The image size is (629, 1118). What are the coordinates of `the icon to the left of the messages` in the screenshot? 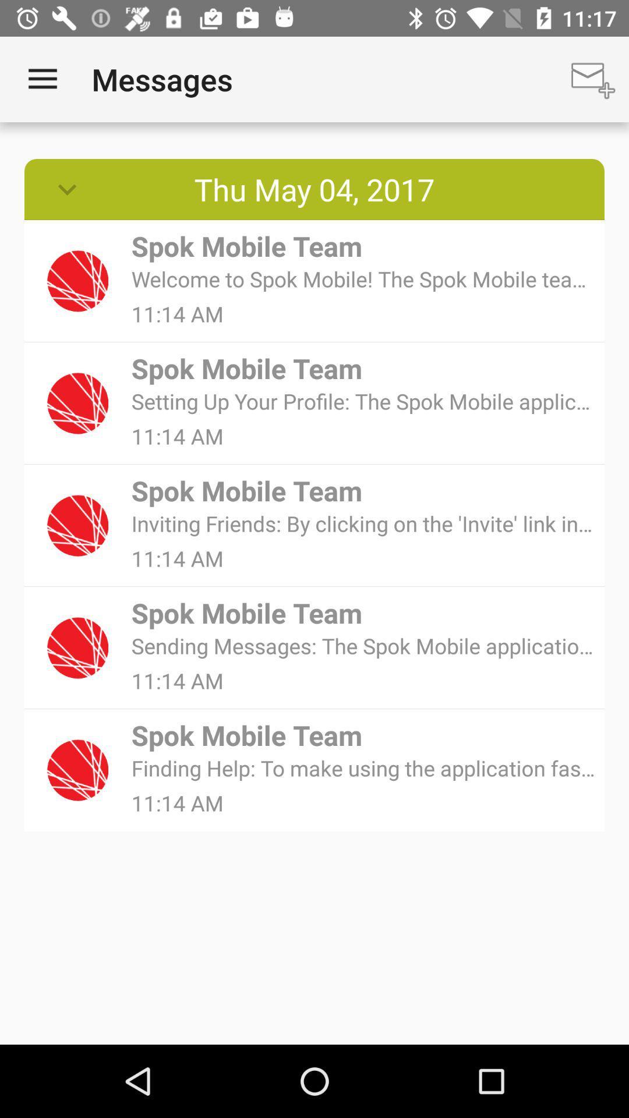 It's located at (42, 79).